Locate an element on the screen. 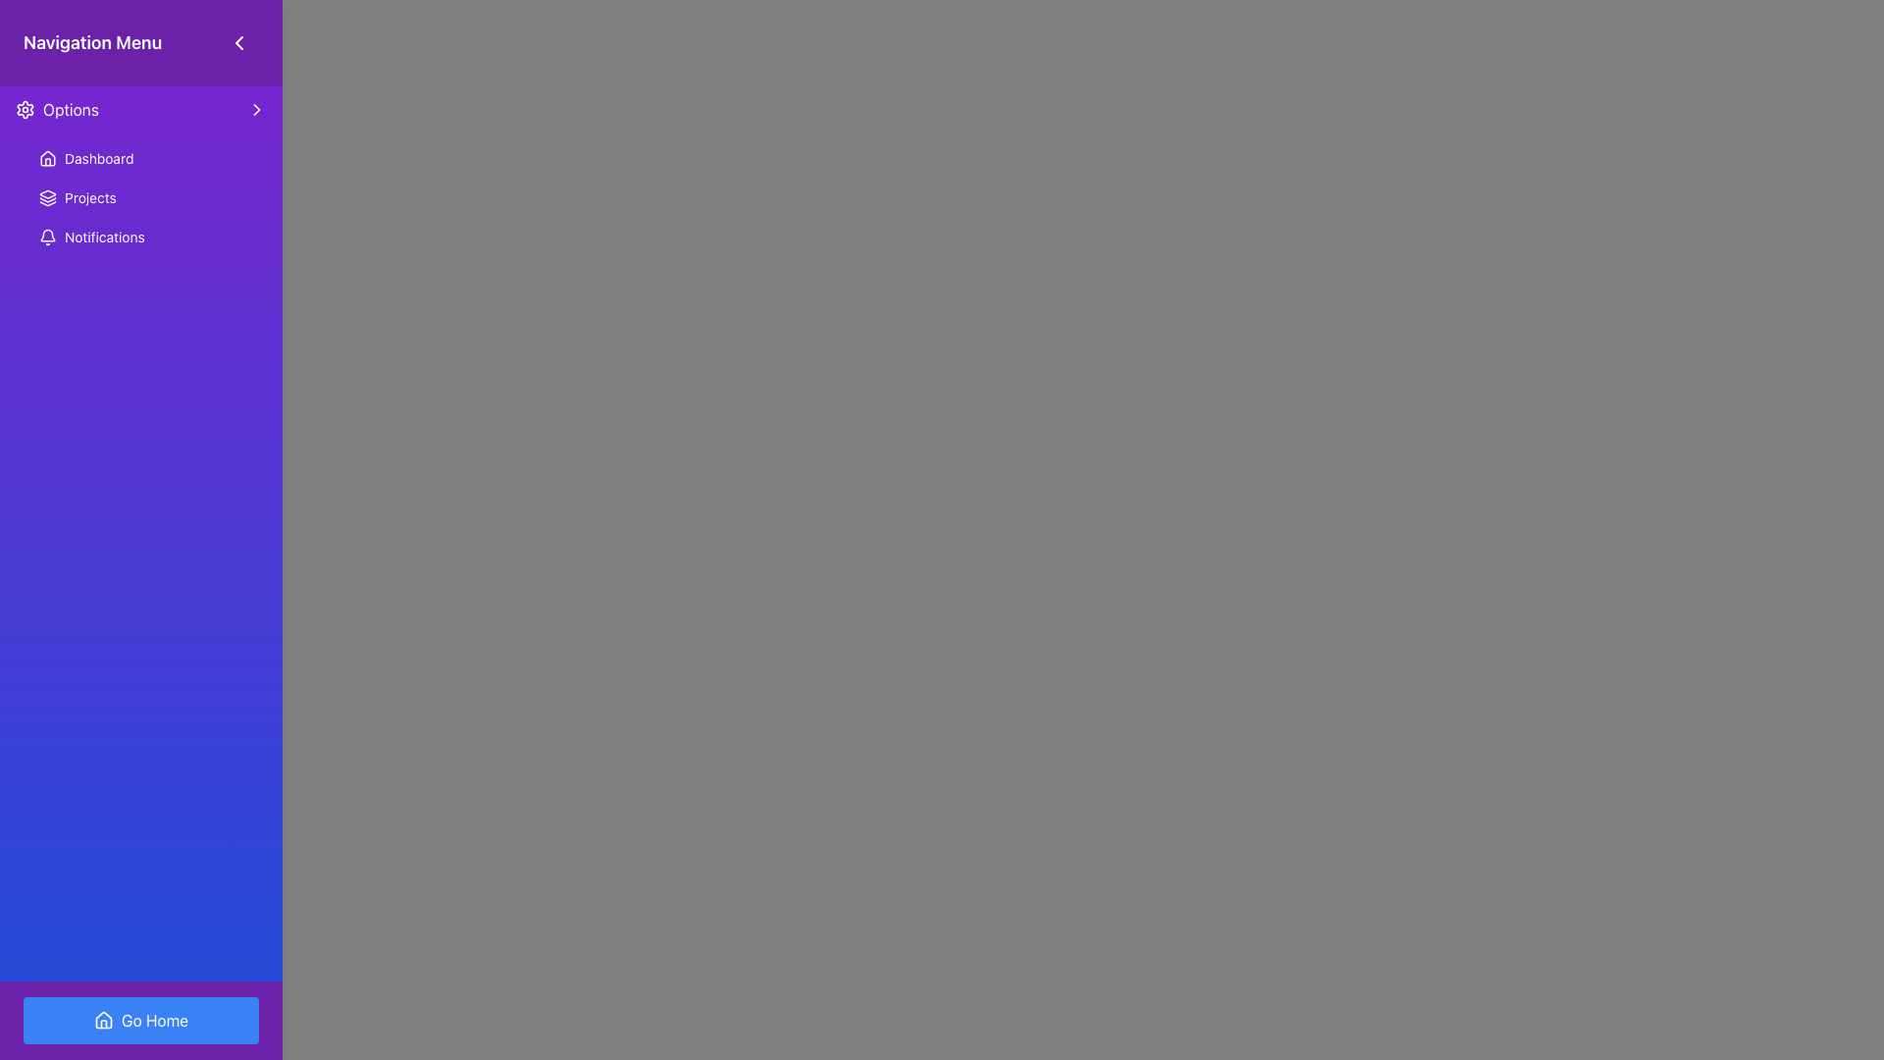 The image size is (1884, 1060). the triangular stack-like icon representing layers in the navigation menu bar labeled 'Projects.' is located at coordinates (47, 194).